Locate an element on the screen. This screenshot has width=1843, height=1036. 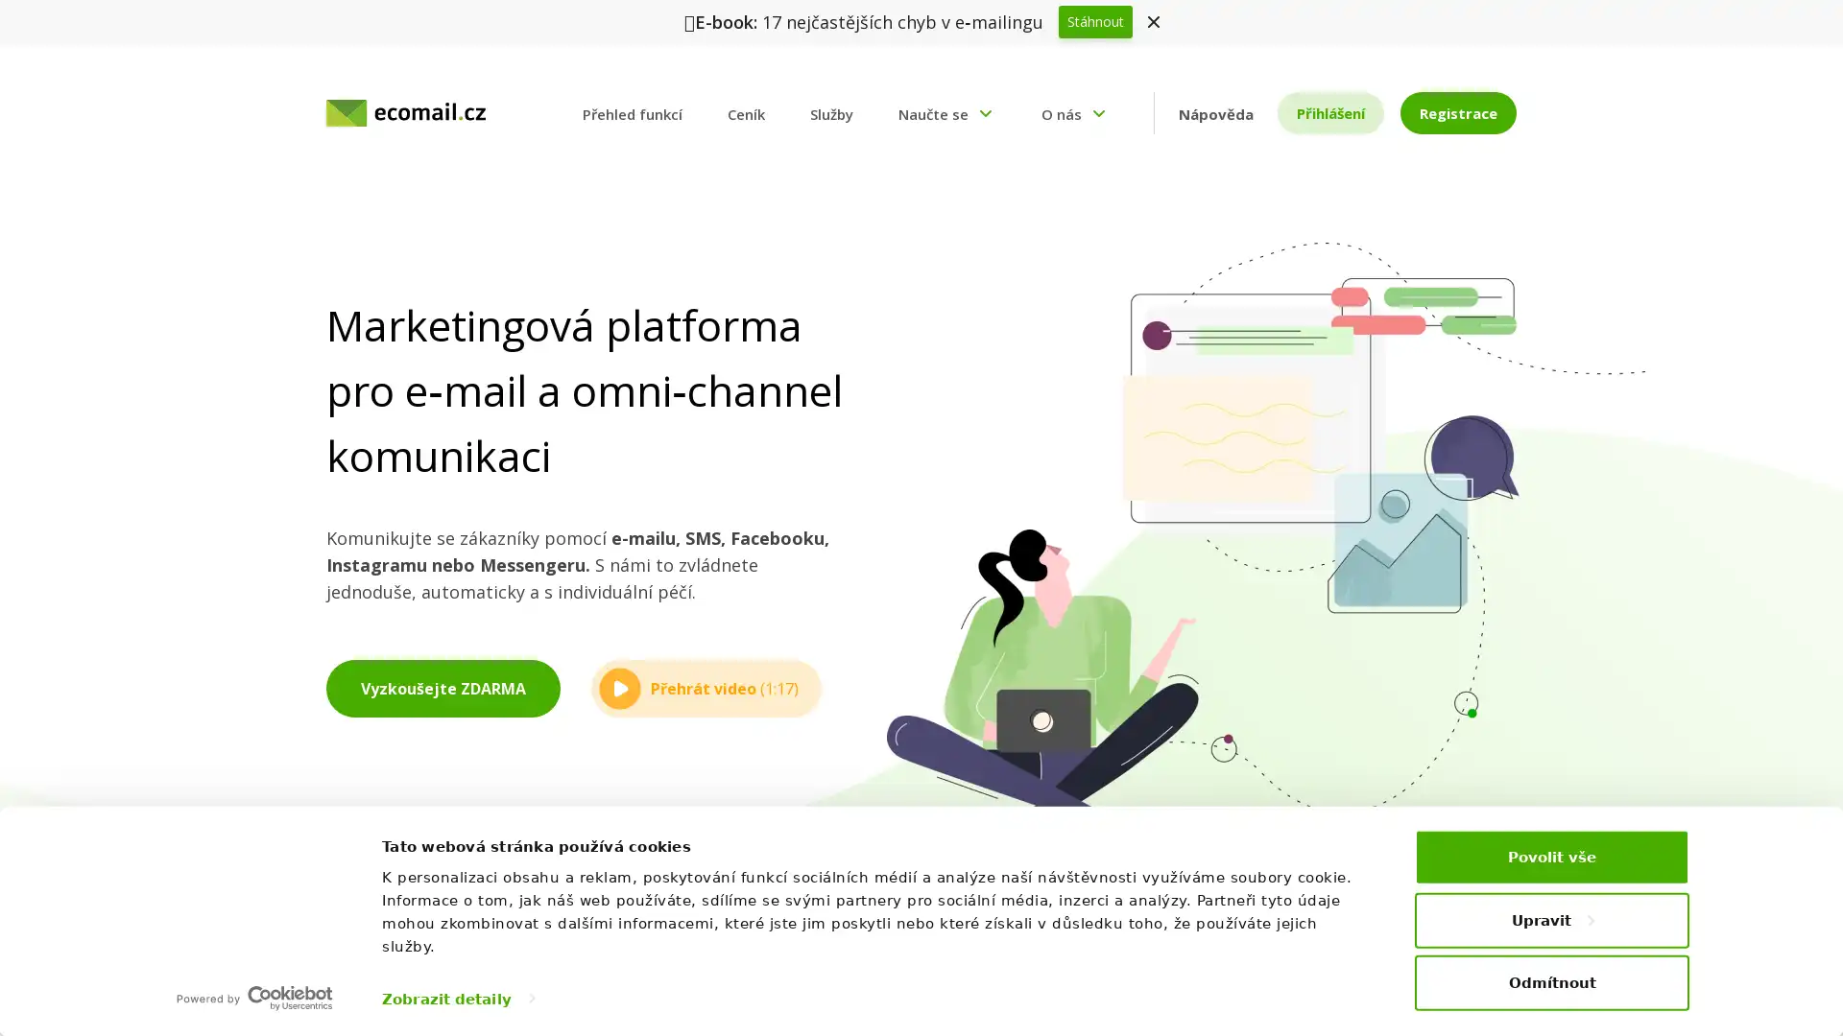
Prehrat video (1:17) is located at coordinates (705, 687).